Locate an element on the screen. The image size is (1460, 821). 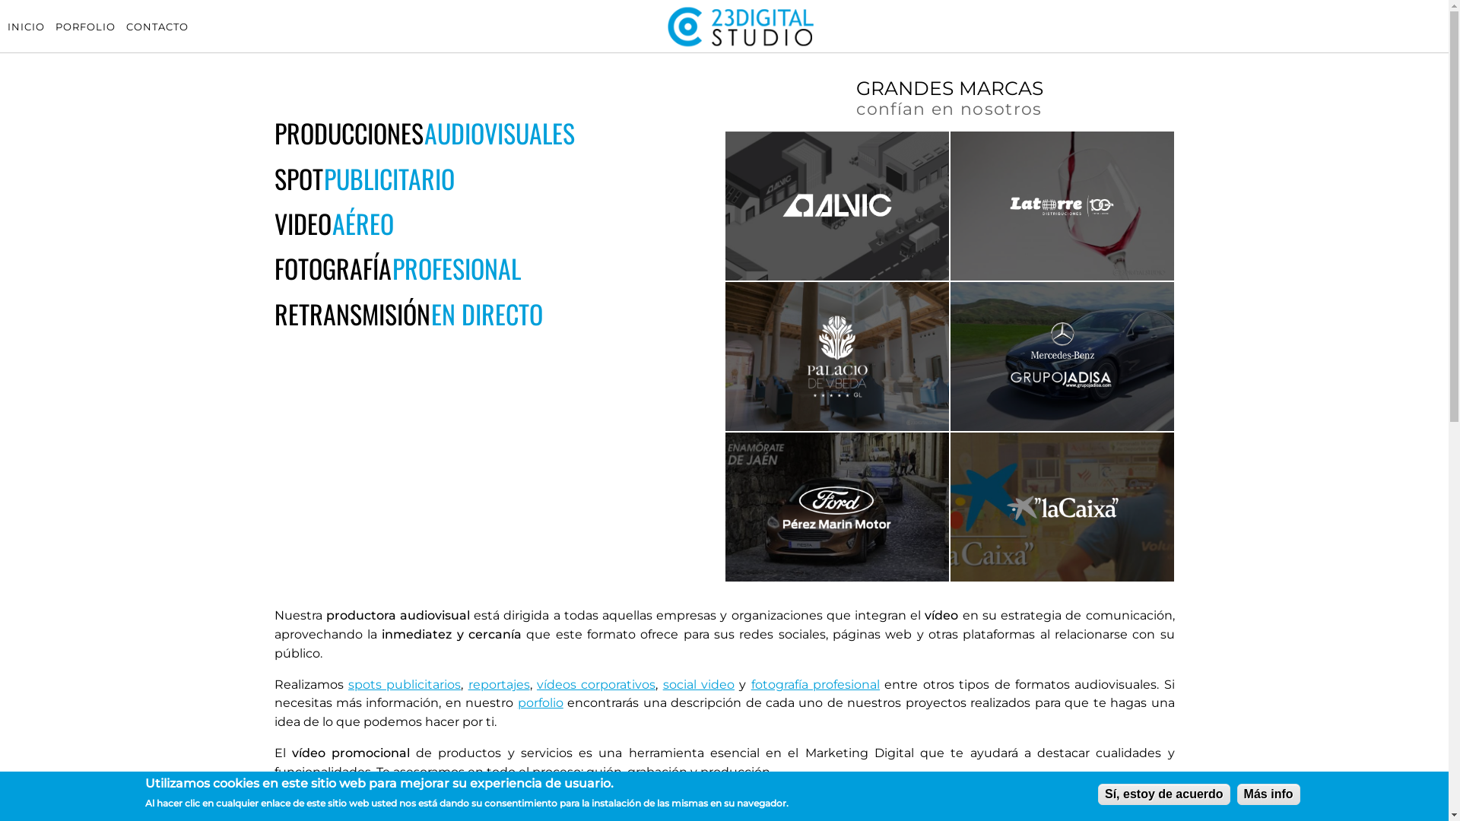
'INICIO' is located at coordinates (26, 26).